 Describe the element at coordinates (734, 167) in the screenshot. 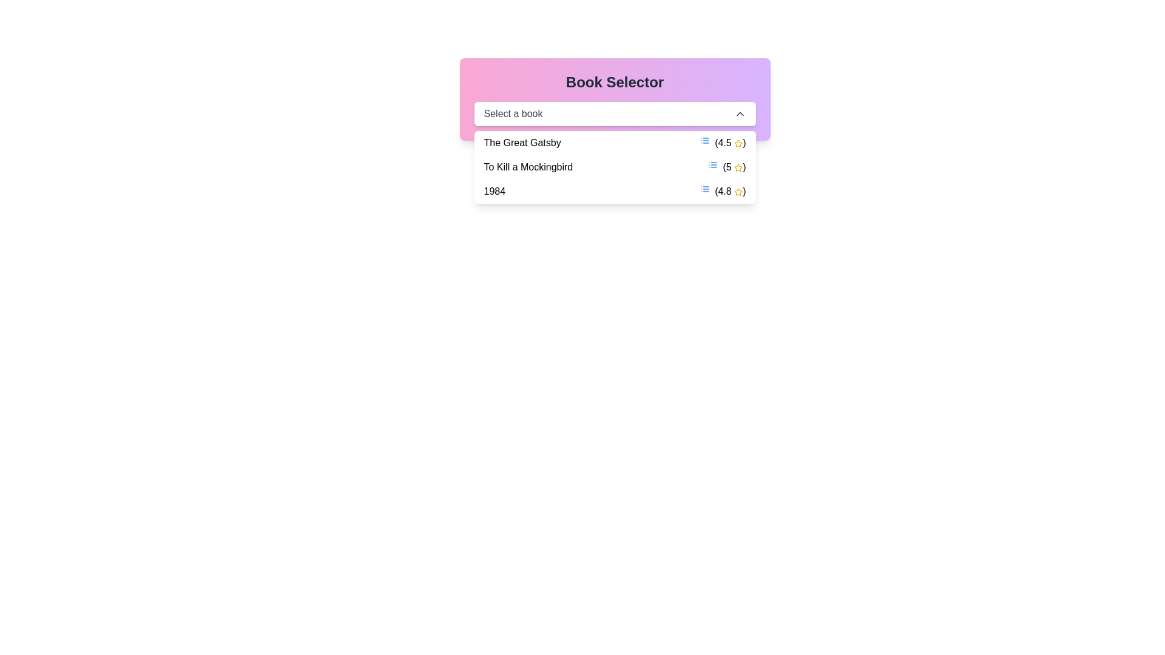

I see `the rating count text for 'To Kill a Mockingbird'` at that location.